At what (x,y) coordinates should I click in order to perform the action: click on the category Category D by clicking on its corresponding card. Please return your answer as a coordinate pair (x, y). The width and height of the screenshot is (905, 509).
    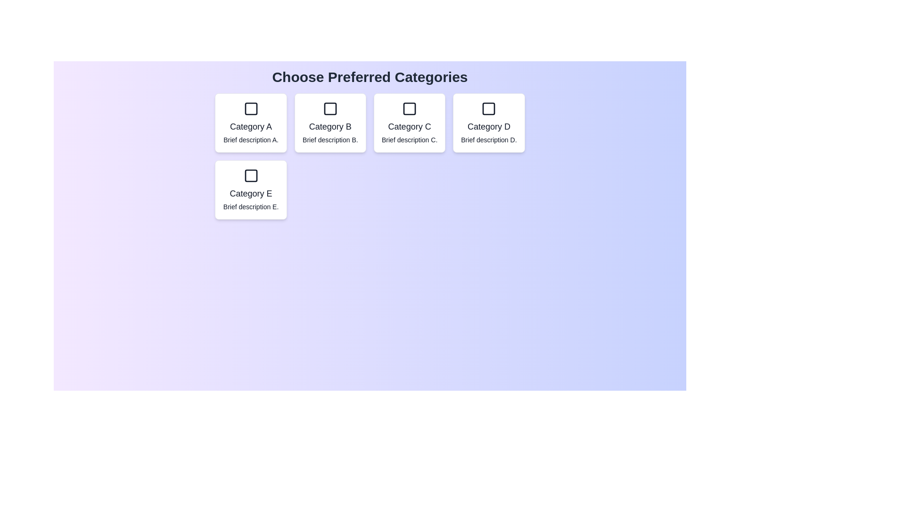
    Looking at the image, I should click on (488, 123).